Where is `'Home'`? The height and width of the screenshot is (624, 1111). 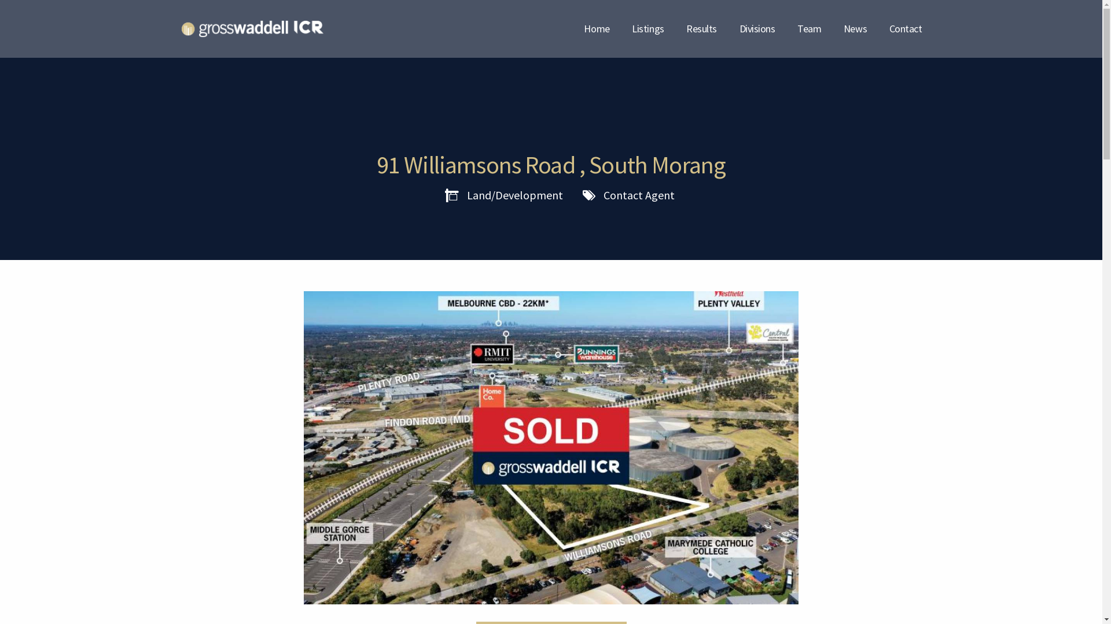
'Home' is located at coordinates (597, 28).